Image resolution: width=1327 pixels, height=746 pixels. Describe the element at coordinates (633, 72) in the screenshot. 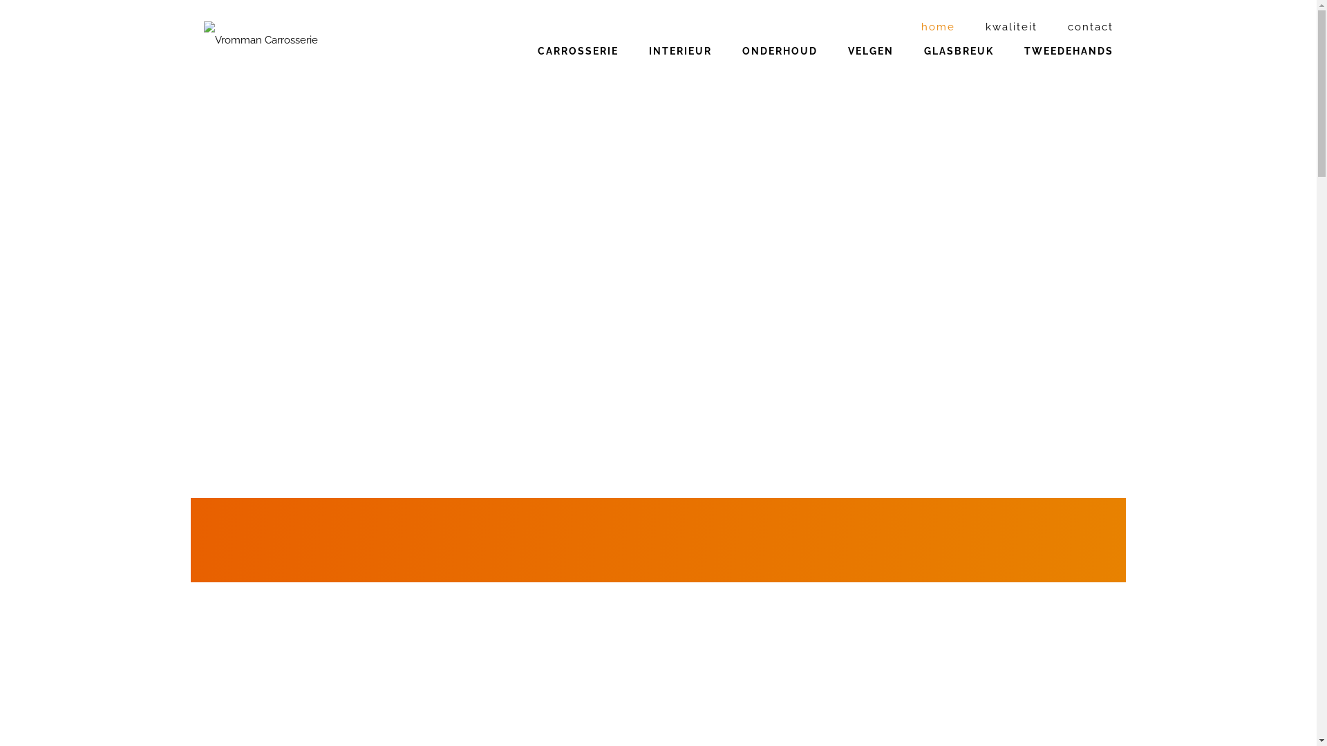

I see `'INTERIEUR'` at that location.